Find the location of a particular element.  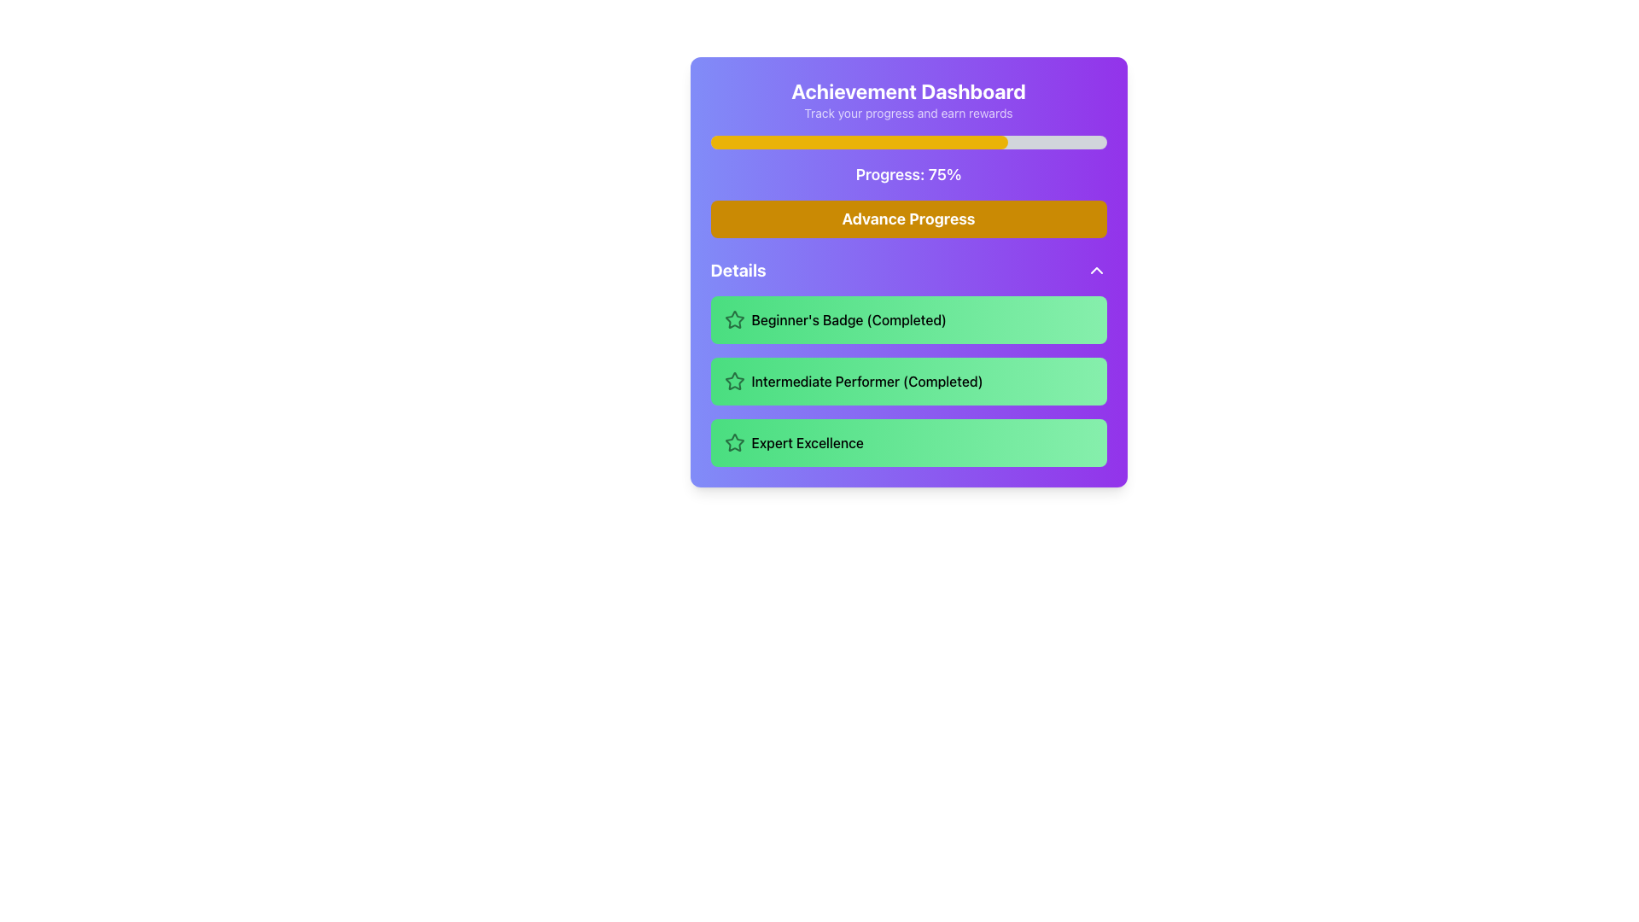

the text label displaying the current progress percentage on the Achievement Dashboard, located below the progress bar and above the Advance Progress button is located at coordinates (907, 174).